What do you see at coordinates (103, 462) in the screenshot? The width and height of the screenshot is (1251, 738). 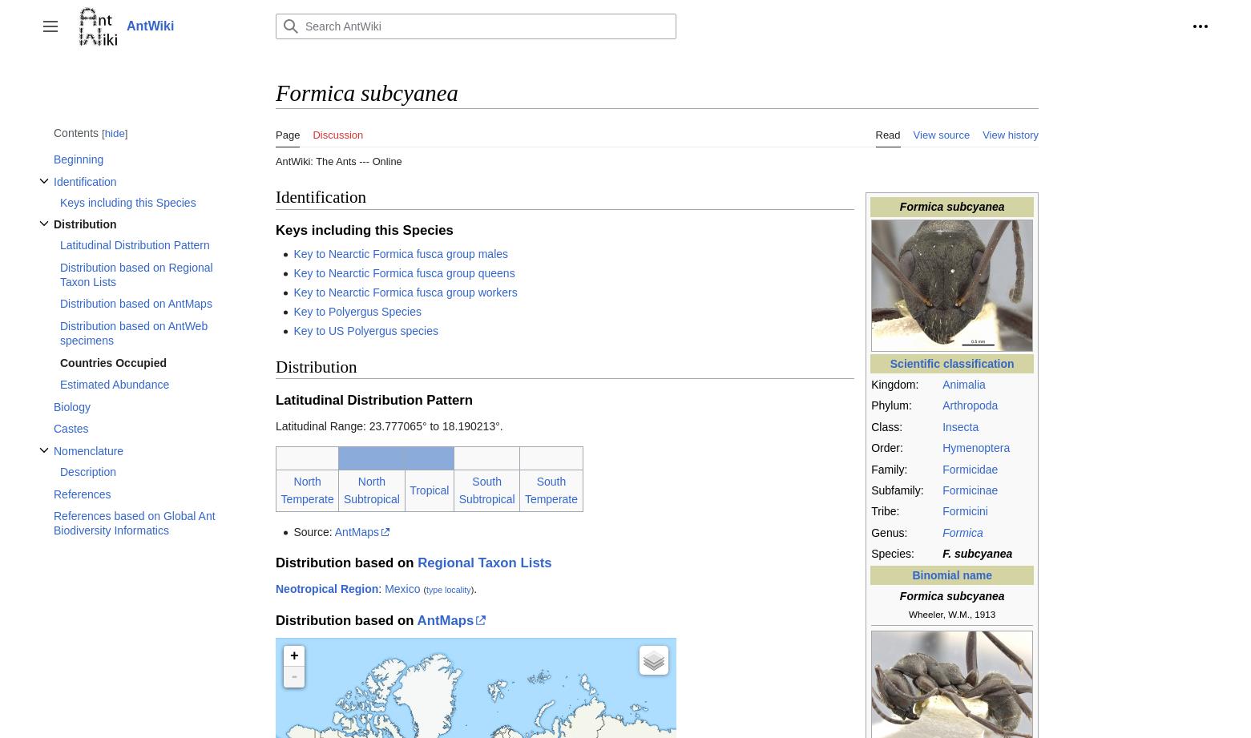 I see `'Toggle Nomenclature subsection'` at bounding box center [103, 462].